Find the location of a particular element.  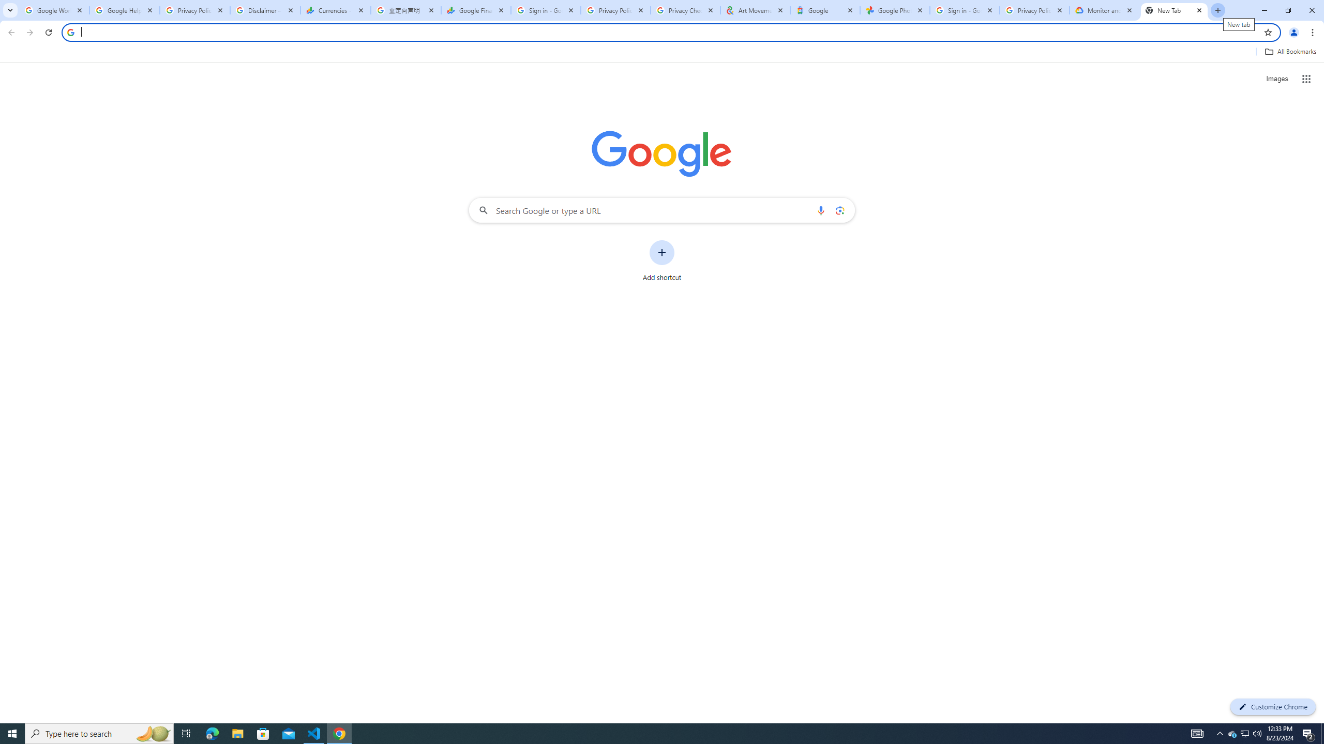

'Search Google or type a URL' is located at coordinates (662, 209).